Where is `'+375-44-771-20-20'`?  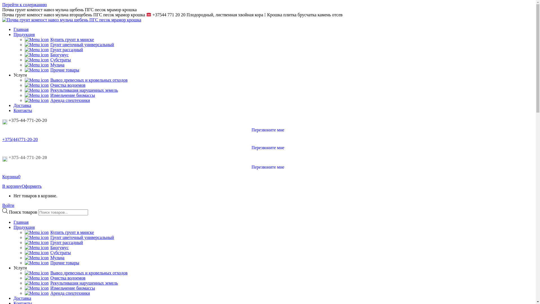
'+375-44-771-20-20' is located at coordinates (24, 120).